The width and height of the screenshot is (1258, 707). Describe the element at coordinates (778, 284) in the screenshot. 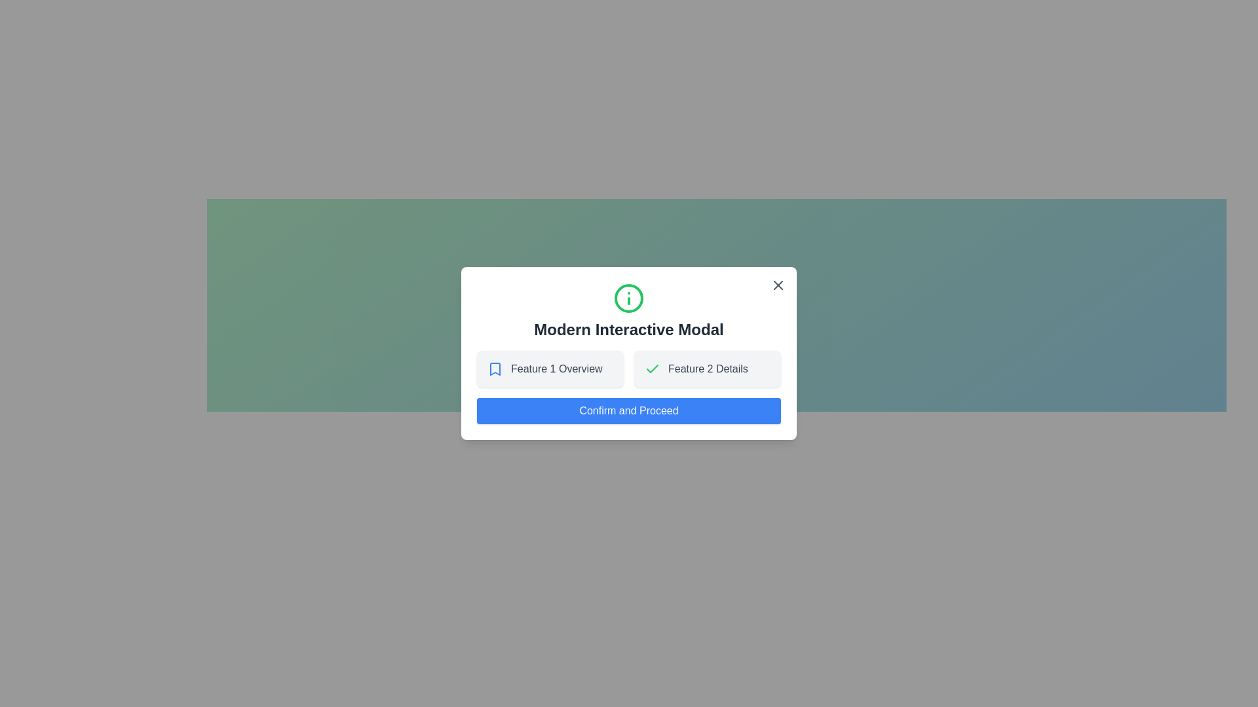

I see `the dark-colored cross icon located at the top-right corner of the modal dialog` at that location.